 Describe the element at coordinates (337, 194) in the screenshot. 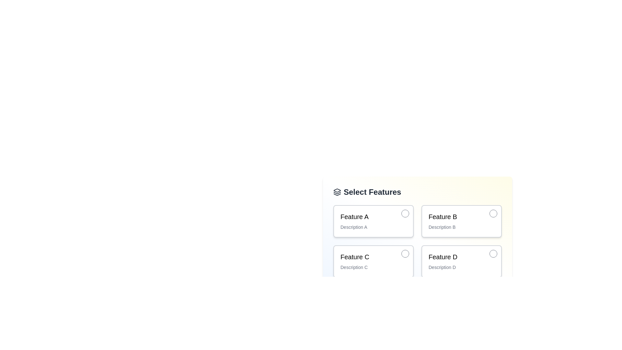

I see `the third layer of the stacked layers icon` at that location.